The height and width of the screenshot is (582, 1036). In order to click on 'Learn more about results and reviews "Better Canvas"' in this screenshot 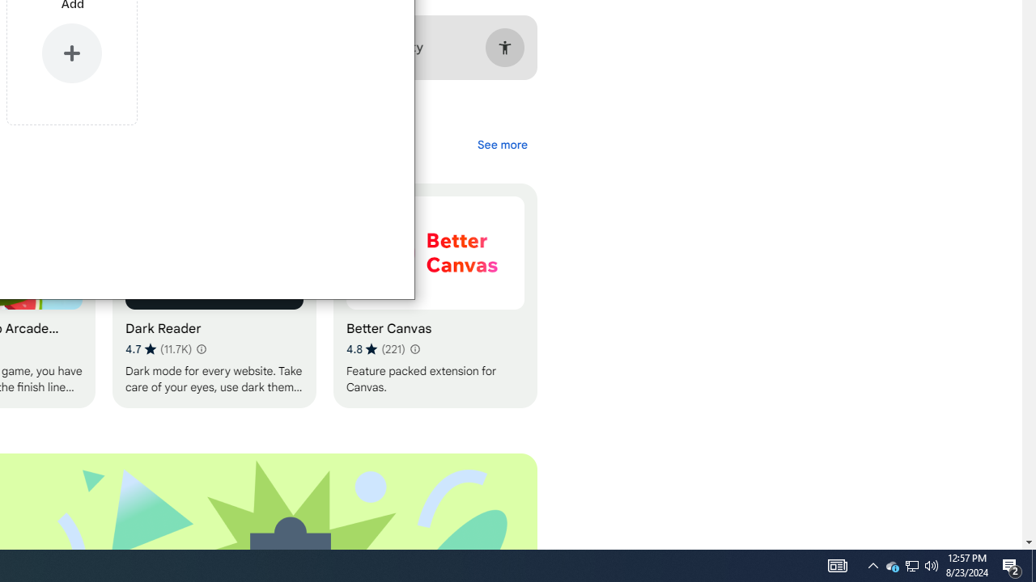, I will do `click(414, 348)`.